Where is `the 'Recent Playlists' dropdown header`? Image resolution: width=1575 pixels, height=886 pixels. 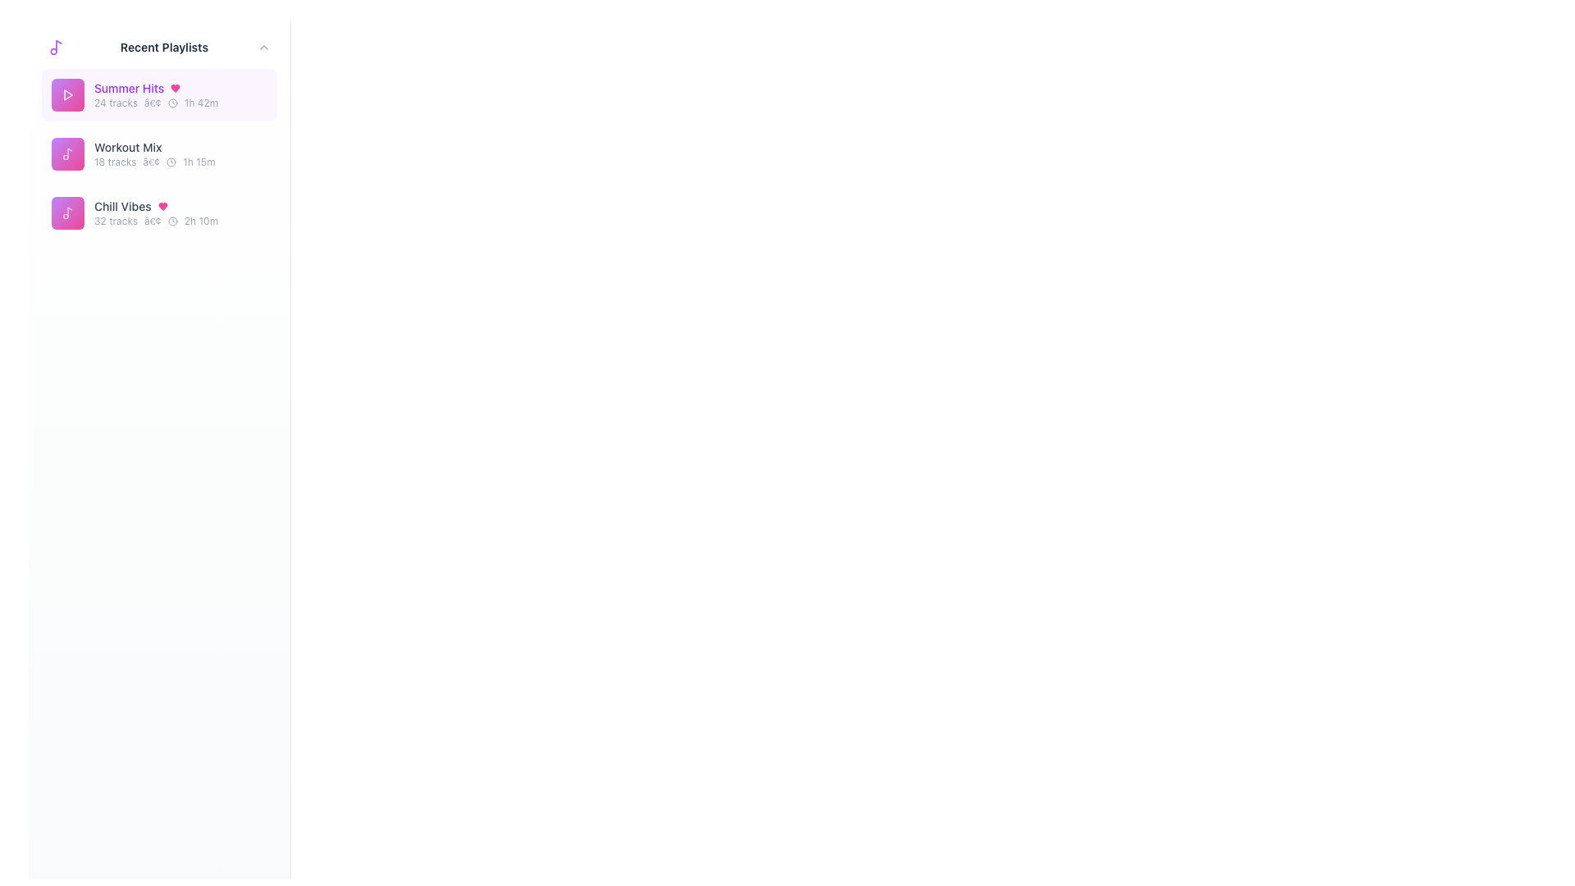
the 'Recent Playlists' dropdown header is located at coordinates (159, 46).